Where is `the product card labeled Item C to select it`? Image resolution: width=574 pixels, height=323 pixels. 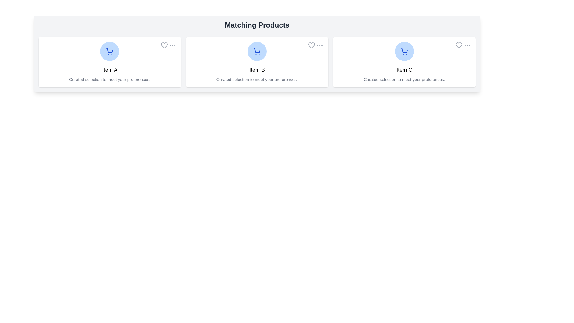 the product card labeled Item C to select it is located at coordinates (404, 62).